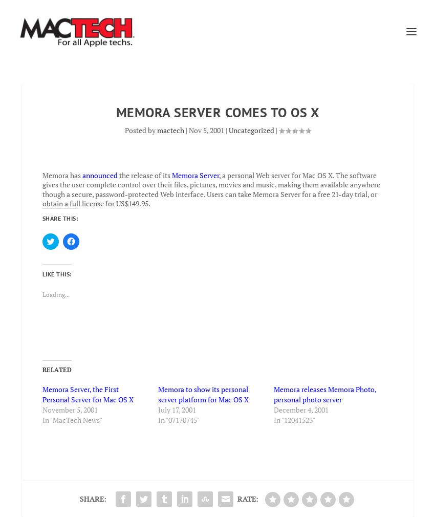 This screenshot has width=435, height=517. Describe the element at coordinates (55, 293) in the screenshot. I see `'Loading...'` at that location.